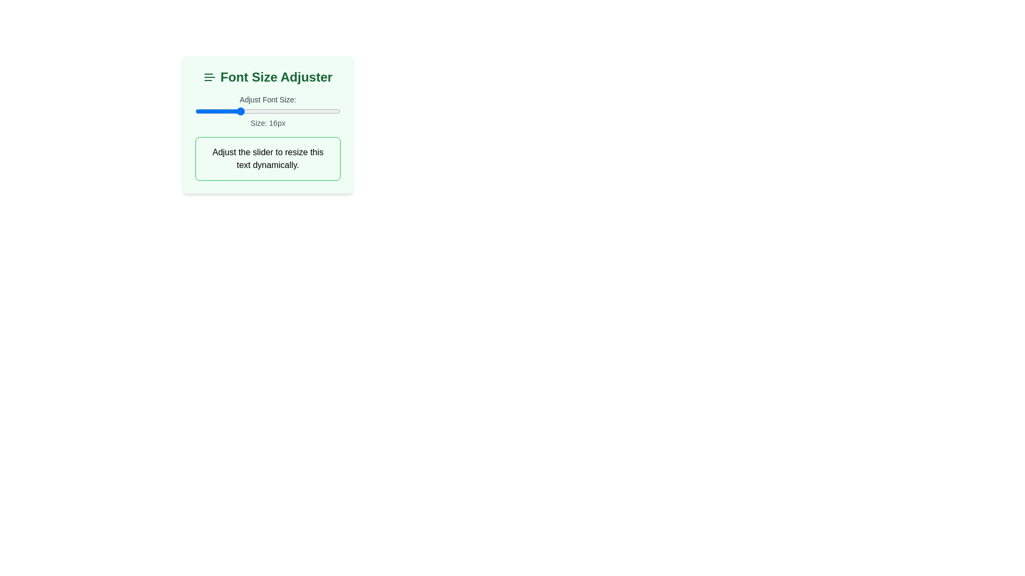  Describe the element at coordinates (311, 111) in the screenshot. I see `the slider to set the font size to 26 px` at that location.